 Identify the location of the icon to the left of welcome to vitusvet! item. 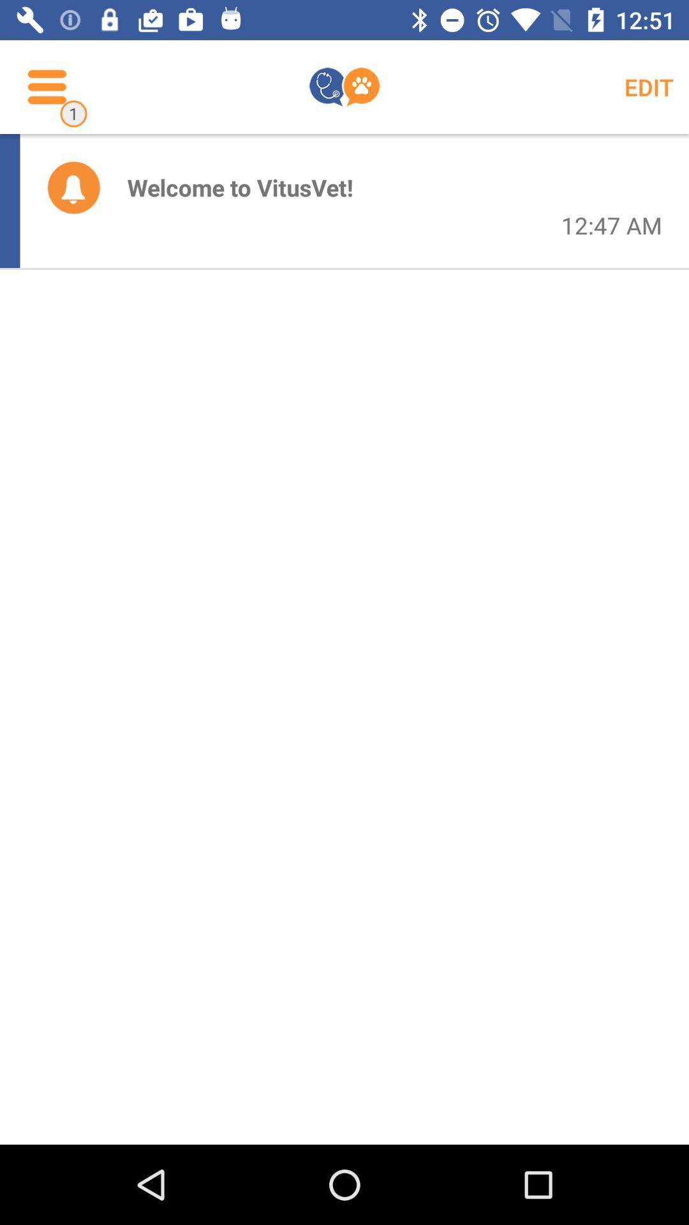
(73, 186).